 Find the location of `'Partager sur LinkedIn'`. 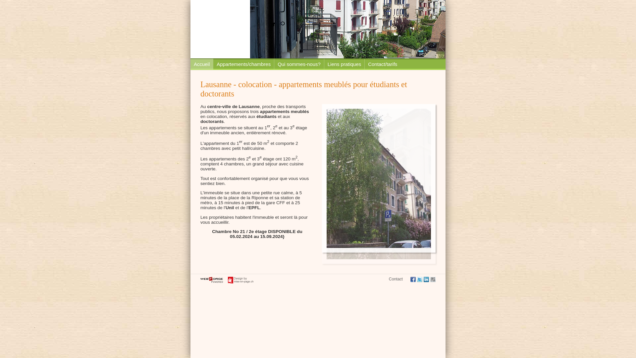

'Partager sur LinkedIn' is located at coordinates (426, 280).